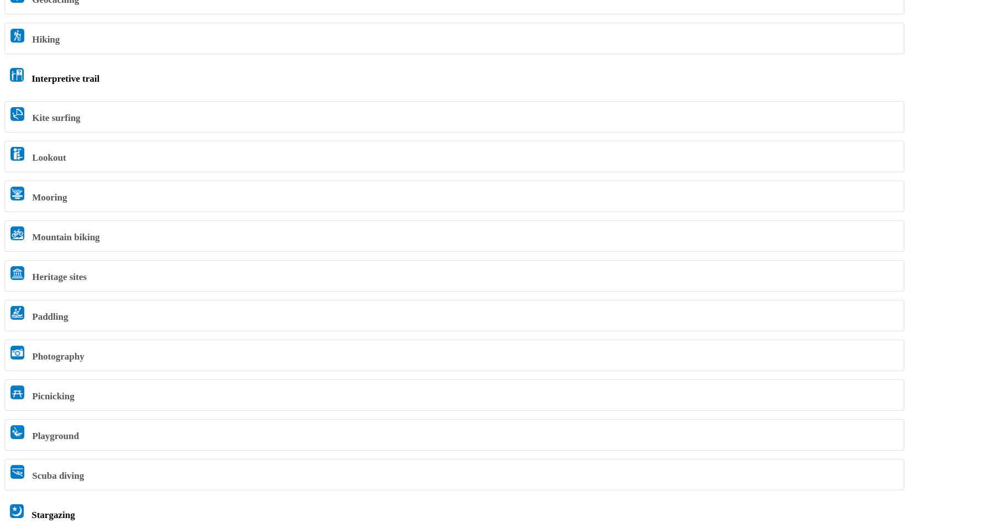 This screenshot has width=990, height=523. What do you see at coordinates (52, 514) in the screenshot?
I see `'Stargazing'` at bounding box center [52, 514].